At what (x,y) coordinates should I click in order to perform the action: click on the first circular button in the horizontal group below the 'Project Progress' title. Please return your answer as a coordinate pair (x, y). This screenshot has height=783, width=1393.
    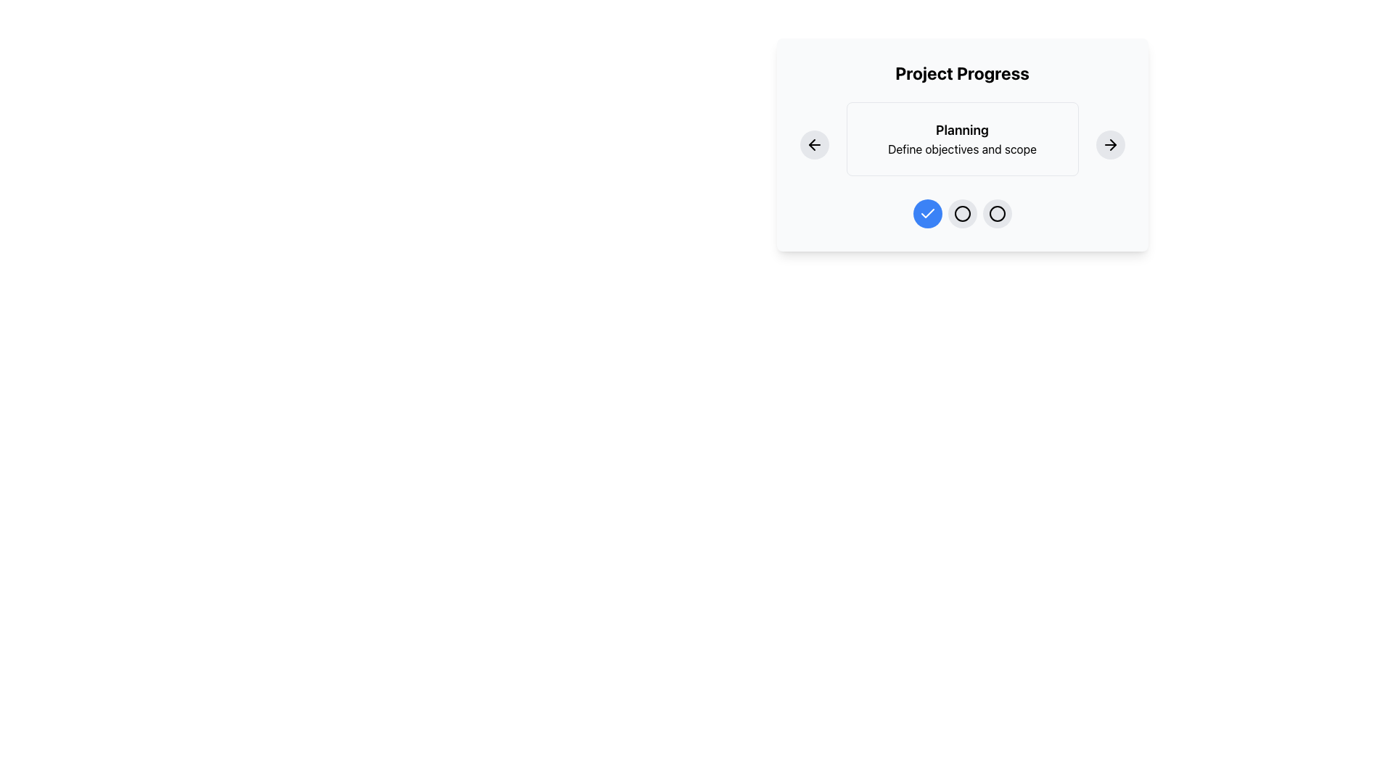
    Looking at the image, I should click on (926, 213).